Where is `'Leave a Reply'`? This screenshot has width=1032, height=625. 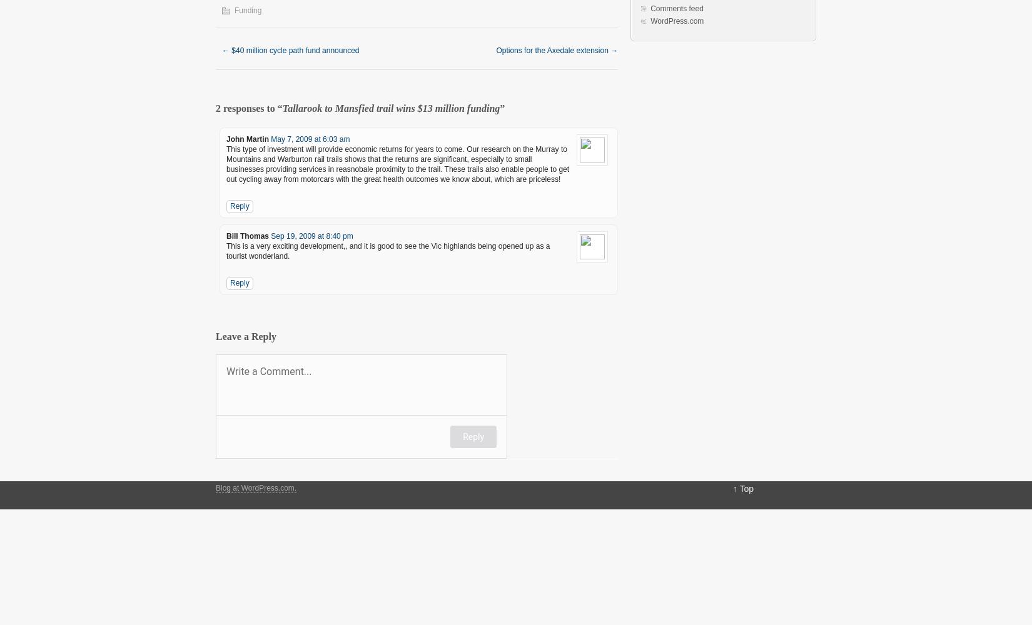
'Leave a Reply' is located at coordinates (246, 336).